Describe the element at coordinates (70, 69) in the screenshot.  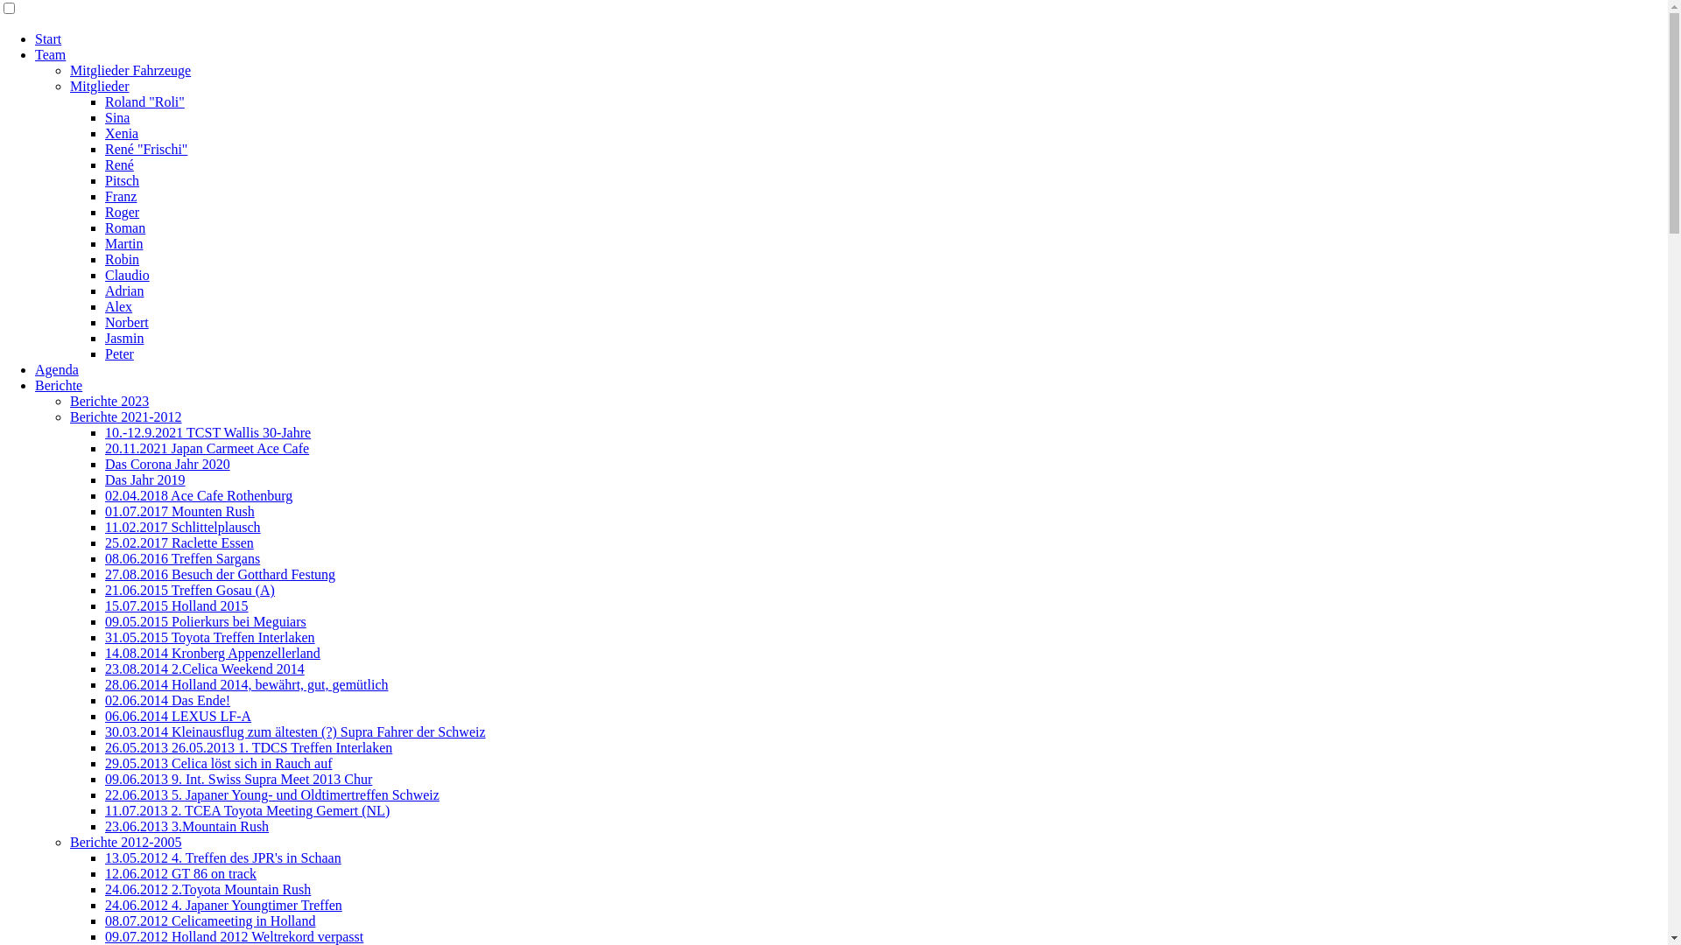
I see `'Mitglieder Fahrzeuge'` at that location.